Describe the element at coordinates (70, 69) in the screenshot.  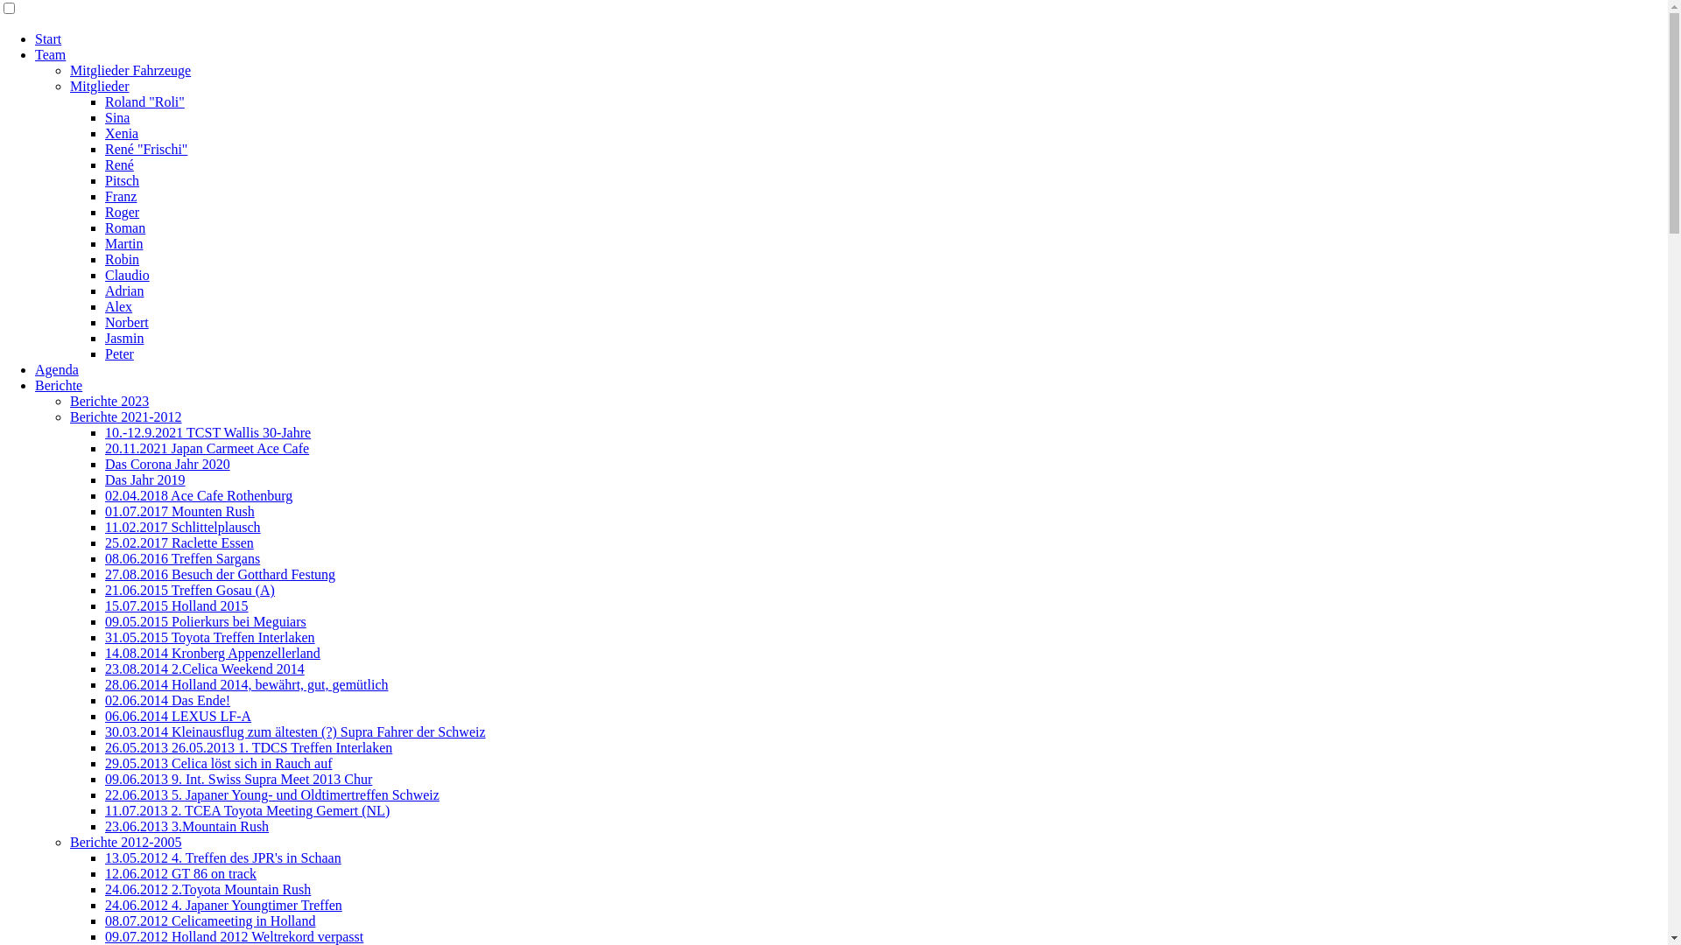
I see `'Mitglieder Fahrzeuge'` at that location.